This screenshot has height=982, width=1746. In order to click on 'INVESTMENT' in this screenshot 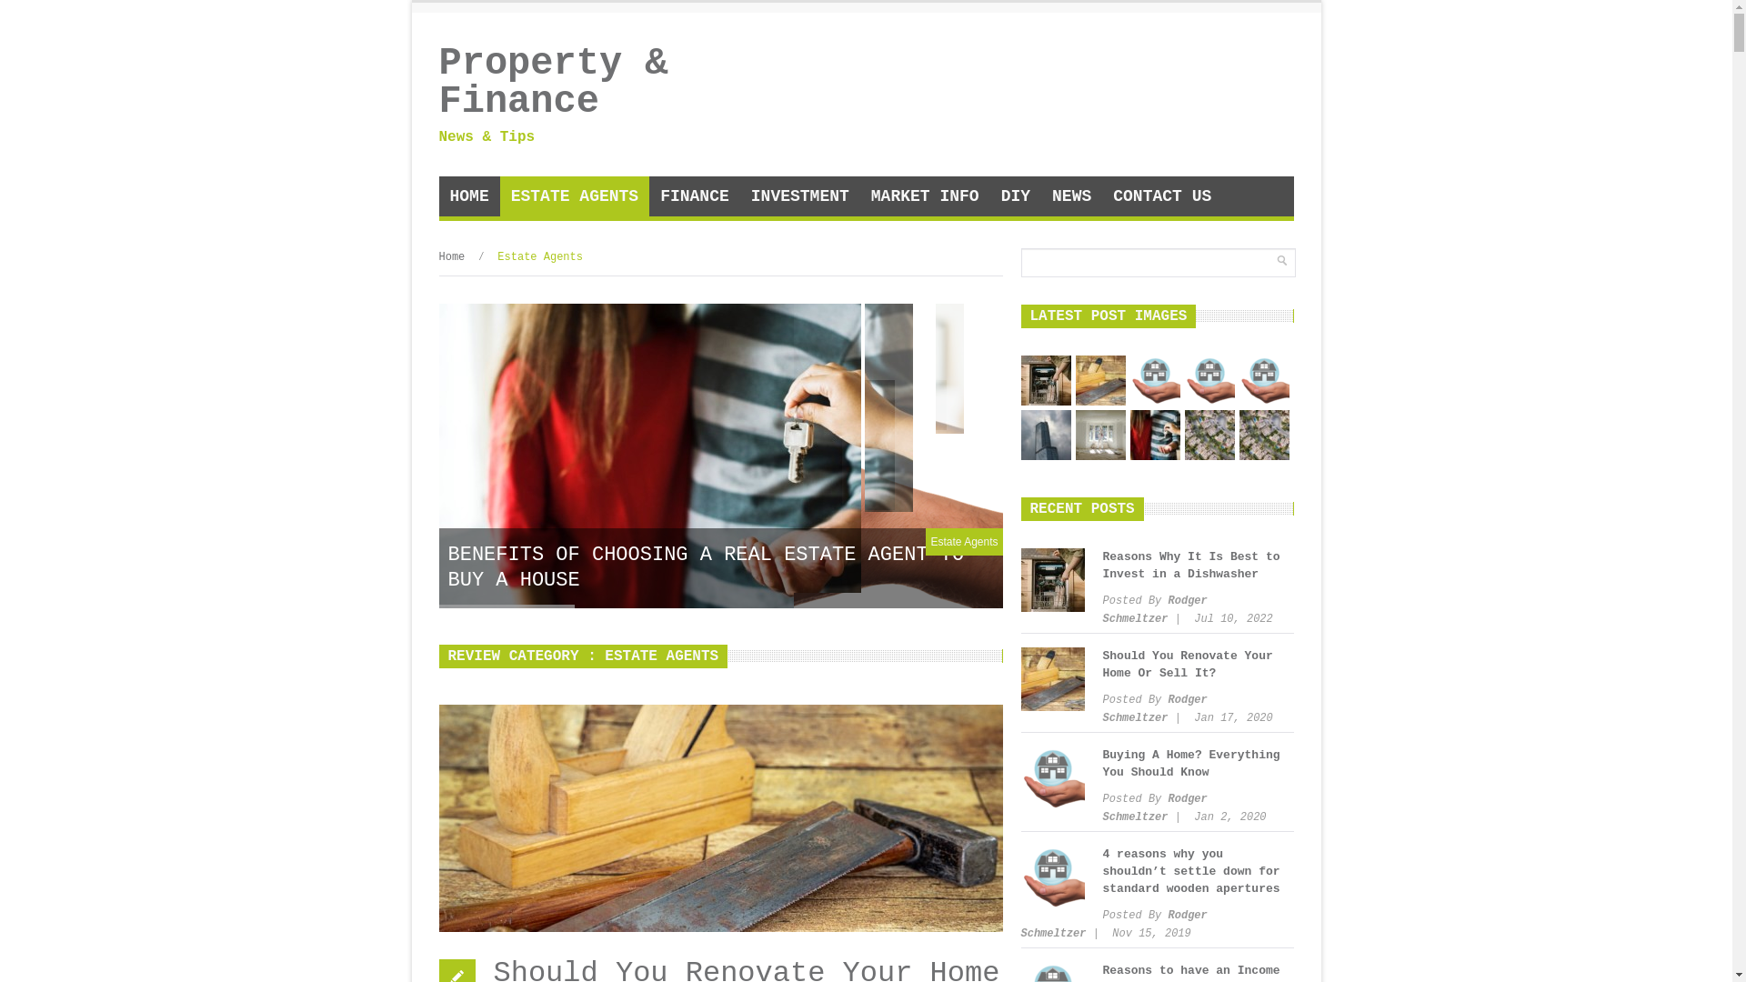, I will do `click(799, 196)`.